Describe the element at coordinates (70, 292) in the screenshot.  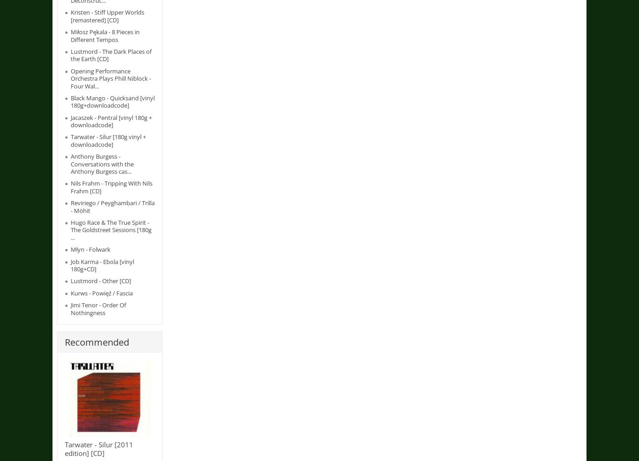
I see `'Kurws - Powięź / Fascia'` at that location.